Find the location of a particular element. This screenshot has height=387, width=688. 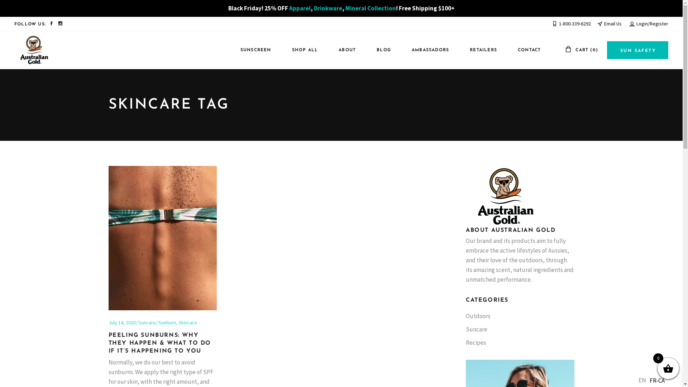

'Drinkware' is located at coordinates (328, 8).